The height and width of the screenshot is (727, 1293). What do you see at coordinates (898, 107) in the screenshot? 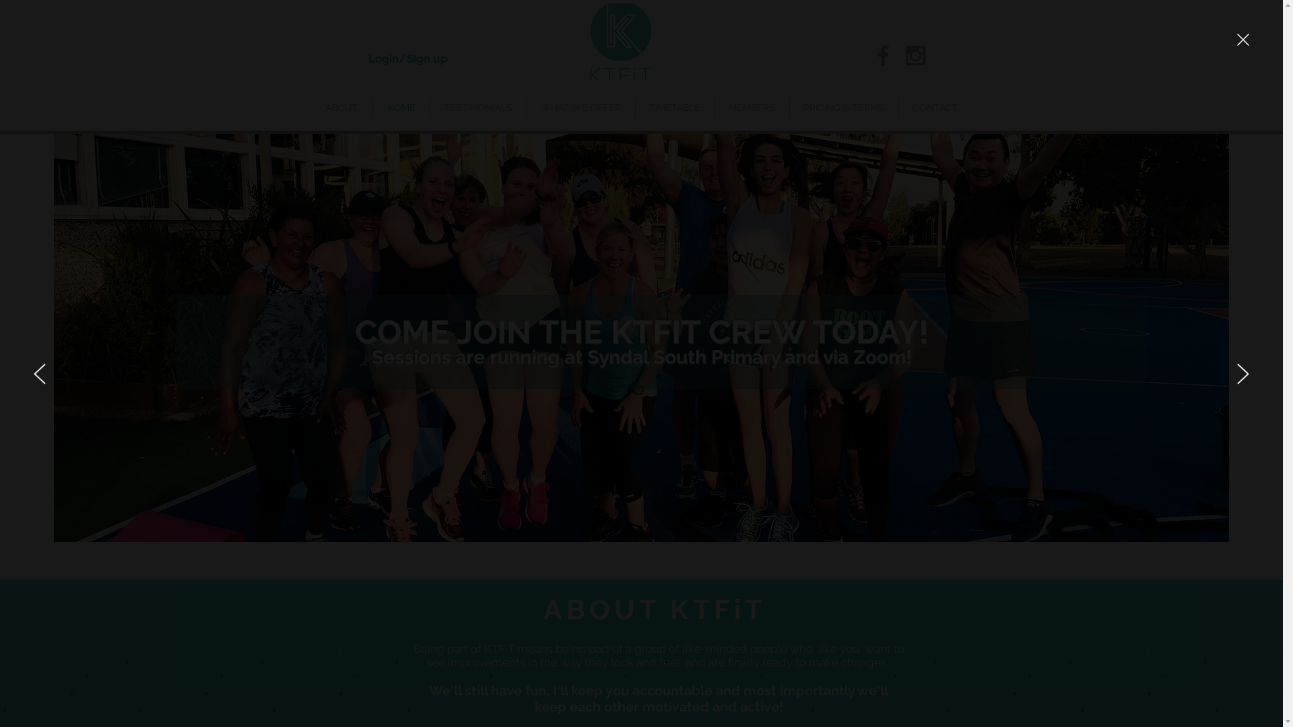
I see `'CONTACT'` at bounding box center [898, 107].